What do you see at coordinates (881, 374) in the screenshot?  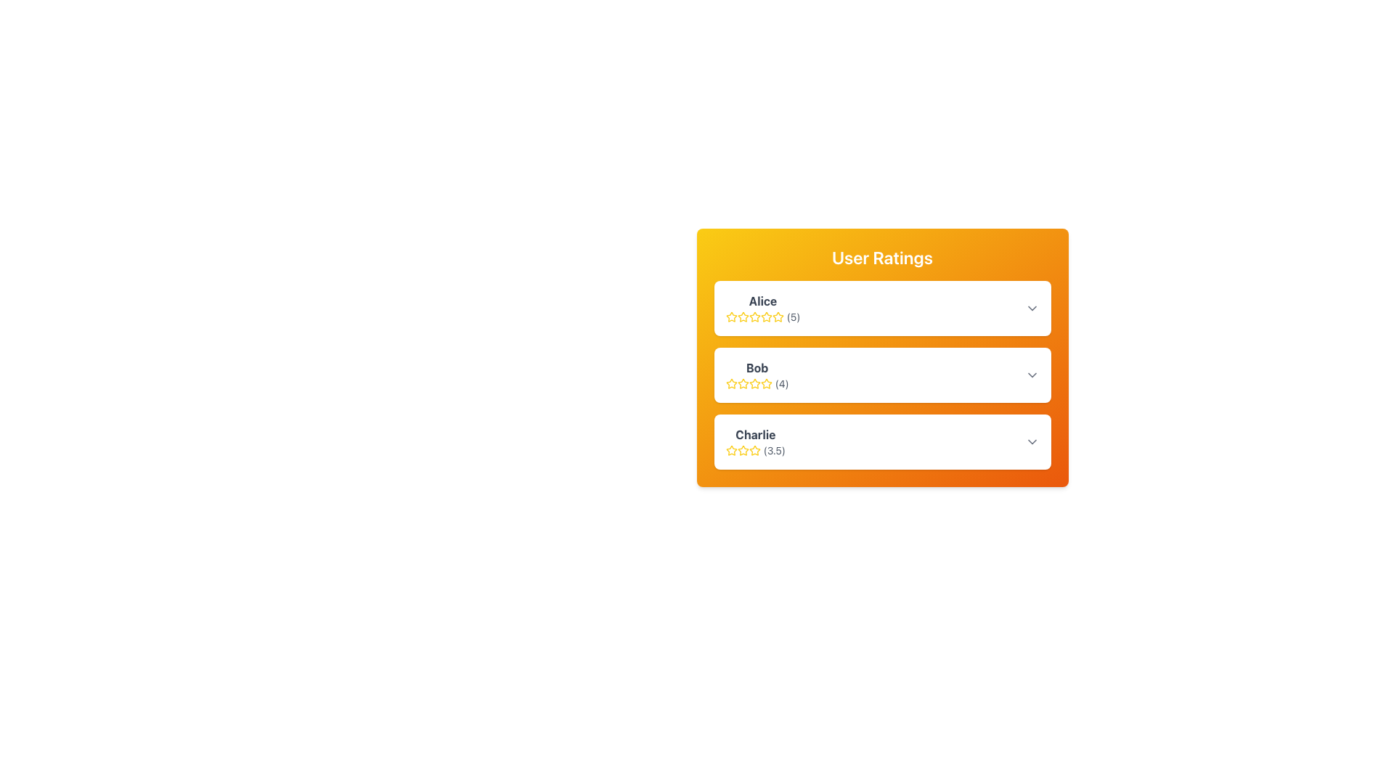 I see `rating details from the user rating block for 'Bob' which displays a score of 4 stars and can be expanded for more information` at bounding box center [881, 374].